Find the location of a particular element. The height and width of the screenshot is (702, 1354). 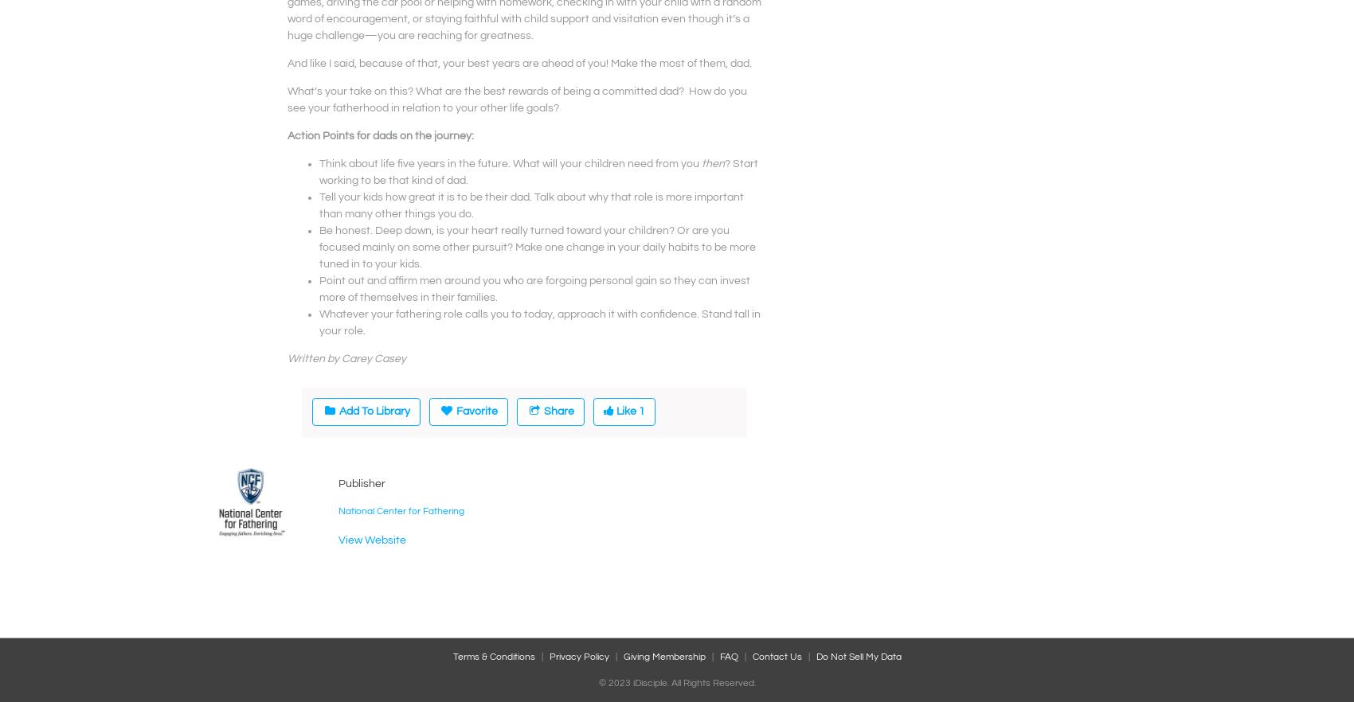

'Tell your kids how great it is to be their dad. Talk about why that role is more important than many other things you do.' is located at coordinates (531, 205).